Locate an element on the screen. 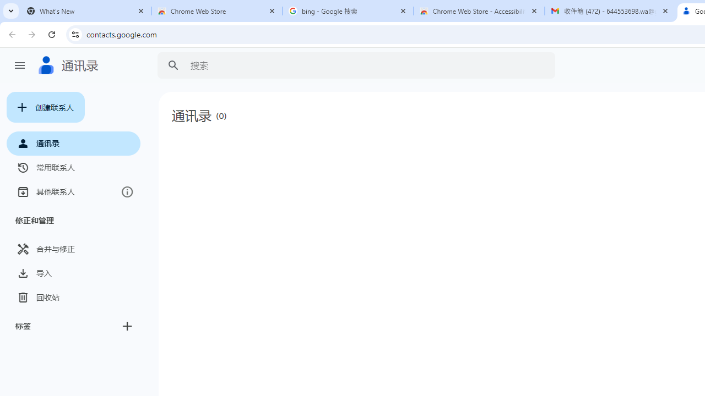 Image resolution: width=705 pixels, height=396 pixels. 'Chrome Web Store - Accessibility' is located at coordinates (479, 11).